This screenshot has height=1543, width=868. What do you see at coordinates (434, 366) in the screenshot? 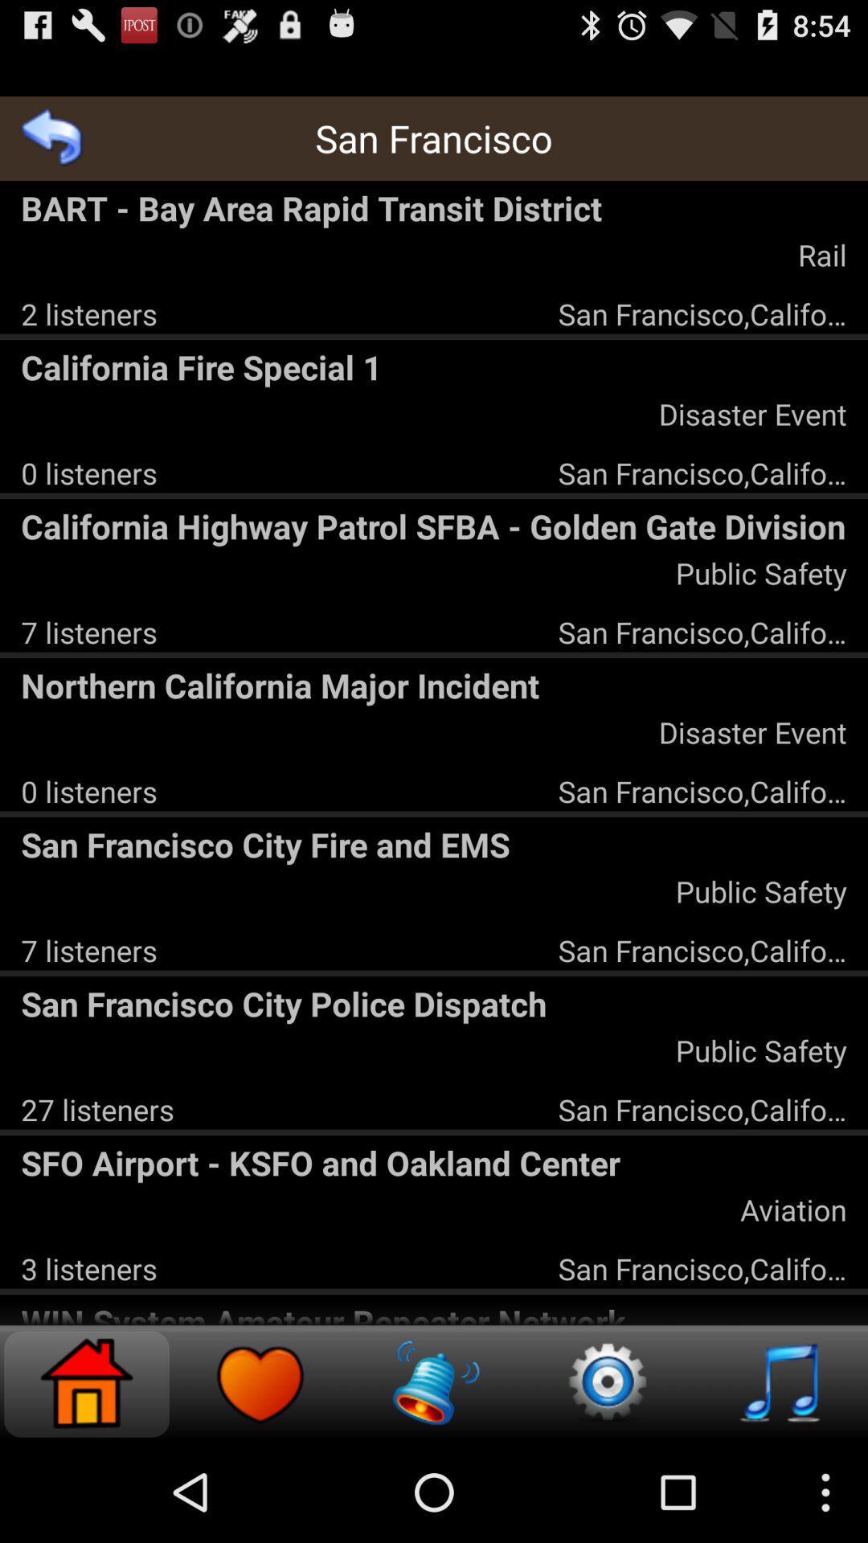
I see `the icon above the disaster event` at bounding box center [434, 366].